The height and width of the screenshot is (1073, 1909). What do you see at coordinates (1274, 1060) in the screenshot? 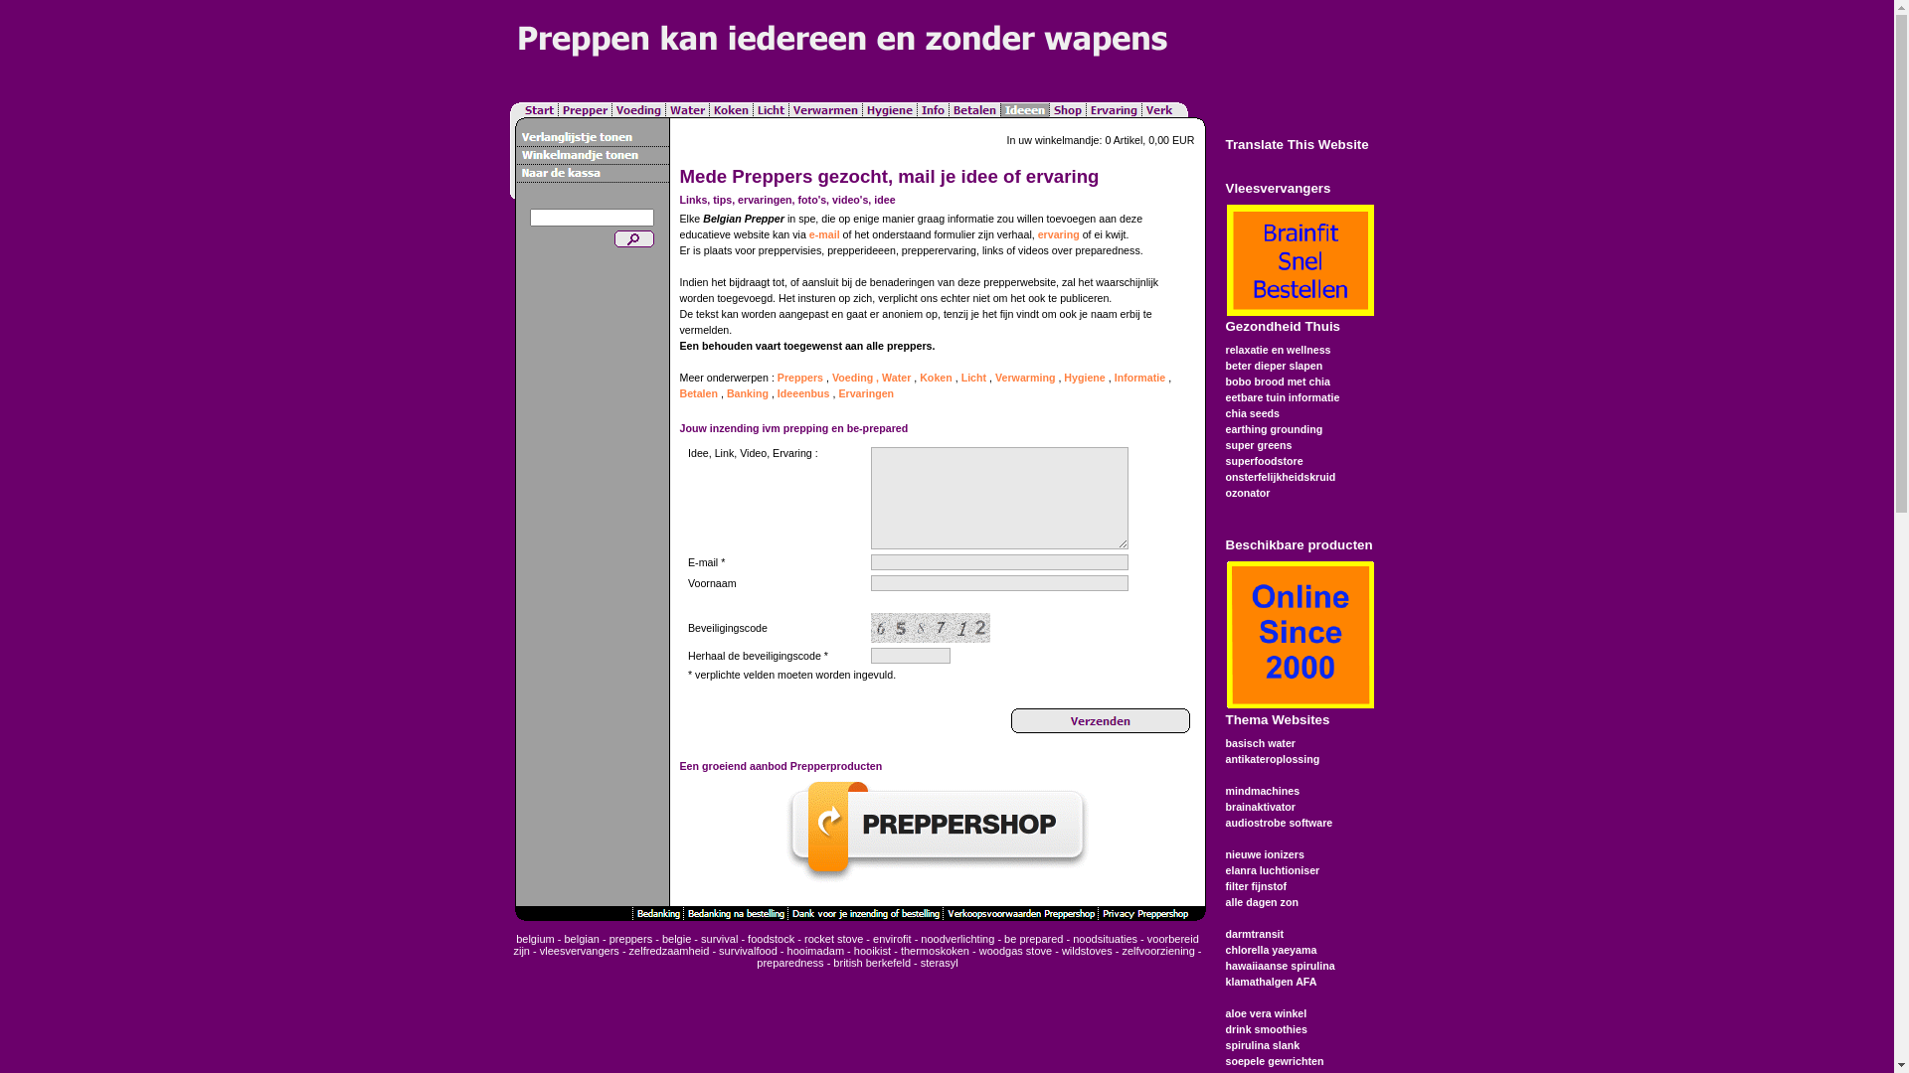
I see `'soepele gewrichten'` at bounding box center [1274, 1060].